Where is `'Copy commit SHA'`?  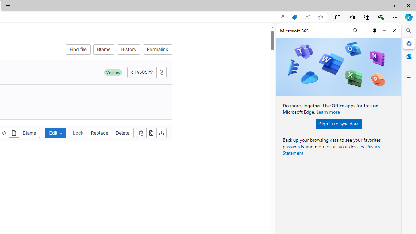
'Copy commit SHA' is located at coordinates (161, 72).